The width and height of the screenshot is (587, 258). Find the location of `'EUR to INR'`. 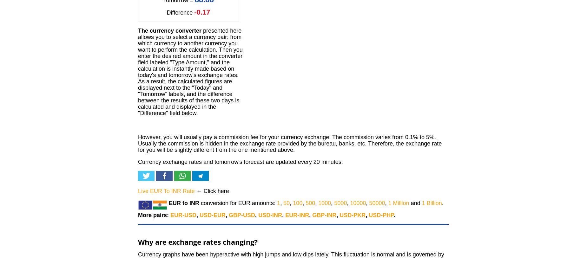

'EUR to INR' is located at coordinates (184, 203).